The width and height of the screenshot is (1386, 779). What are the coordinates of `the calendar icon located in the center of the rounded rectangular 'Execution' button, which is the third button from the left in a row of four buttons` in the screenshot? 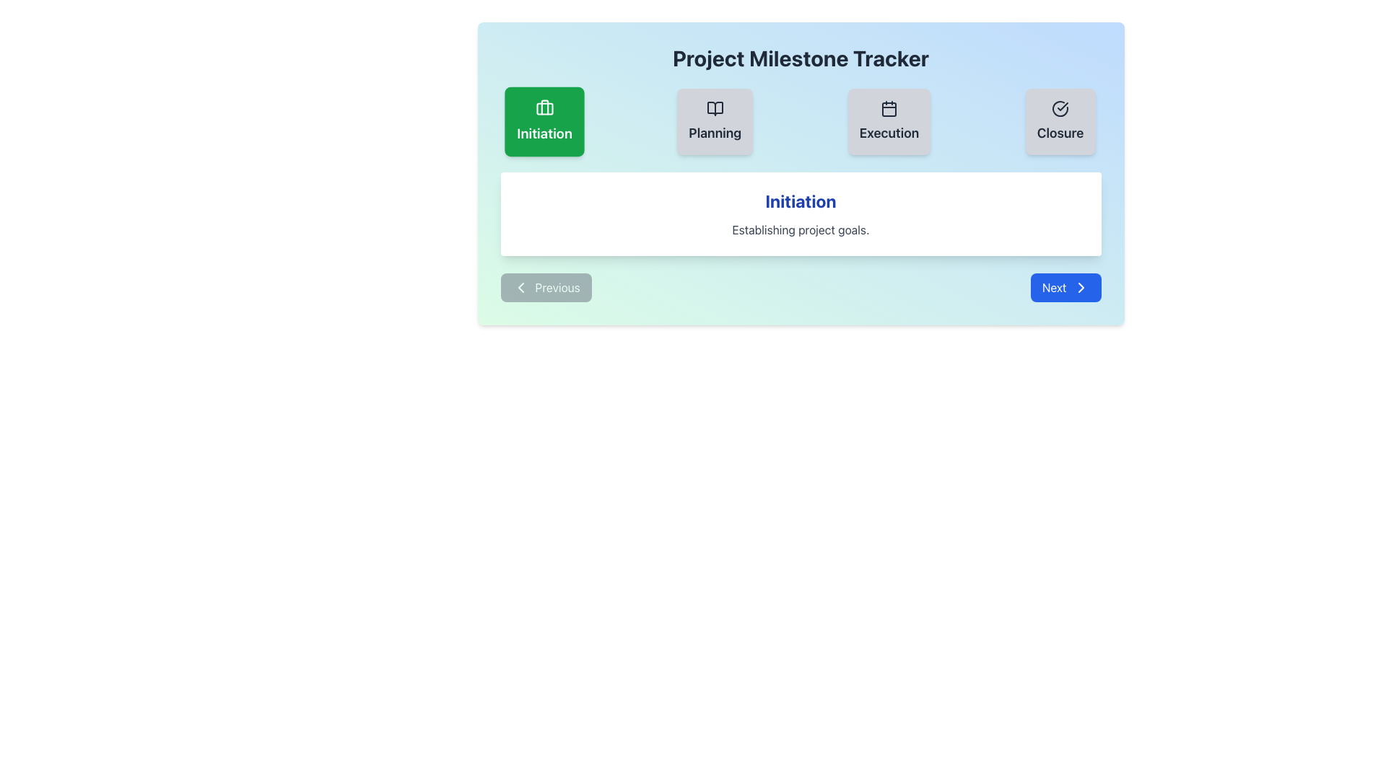 It's located at (888, 107).